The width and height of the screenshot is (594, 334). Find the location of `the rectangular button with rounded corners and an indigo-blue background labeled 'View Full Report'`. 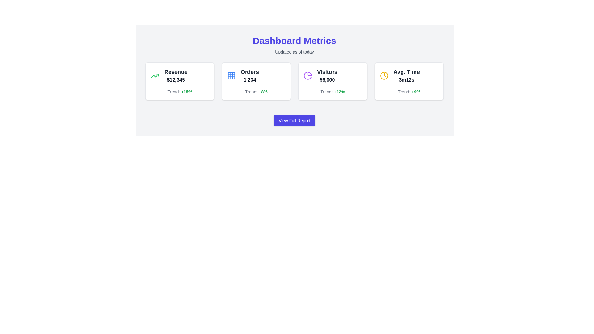

the rectangular button with rounded corners and an indigo-blue background labeled 'View Full Report' is located at coordinates (294, 120).